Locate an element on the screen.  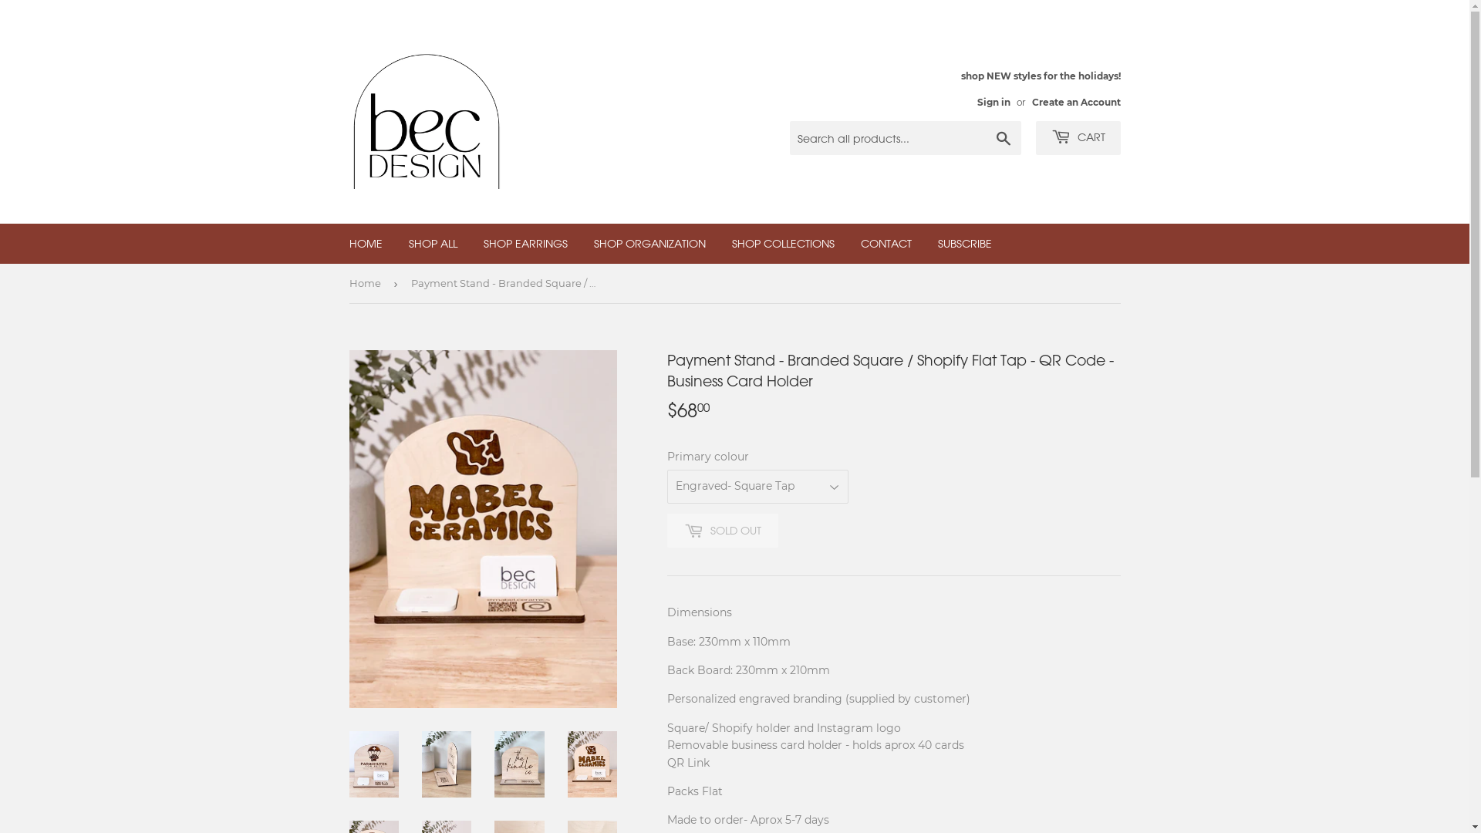
'Home' is located at coordinates (366, 283).